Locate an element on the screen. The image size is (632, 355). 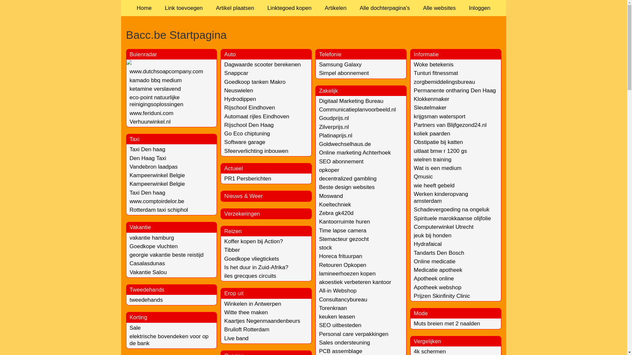
'Werken kinderopvang amsterdam' is located at coordinates (441, 197).